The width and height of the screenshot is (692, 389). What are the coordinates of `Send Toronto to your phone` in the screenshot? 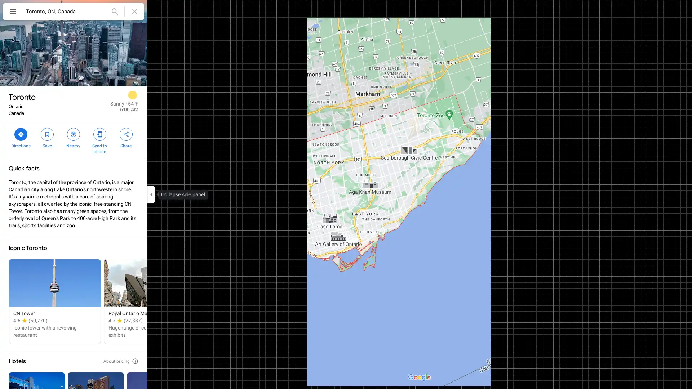 It's located at (99, 140).